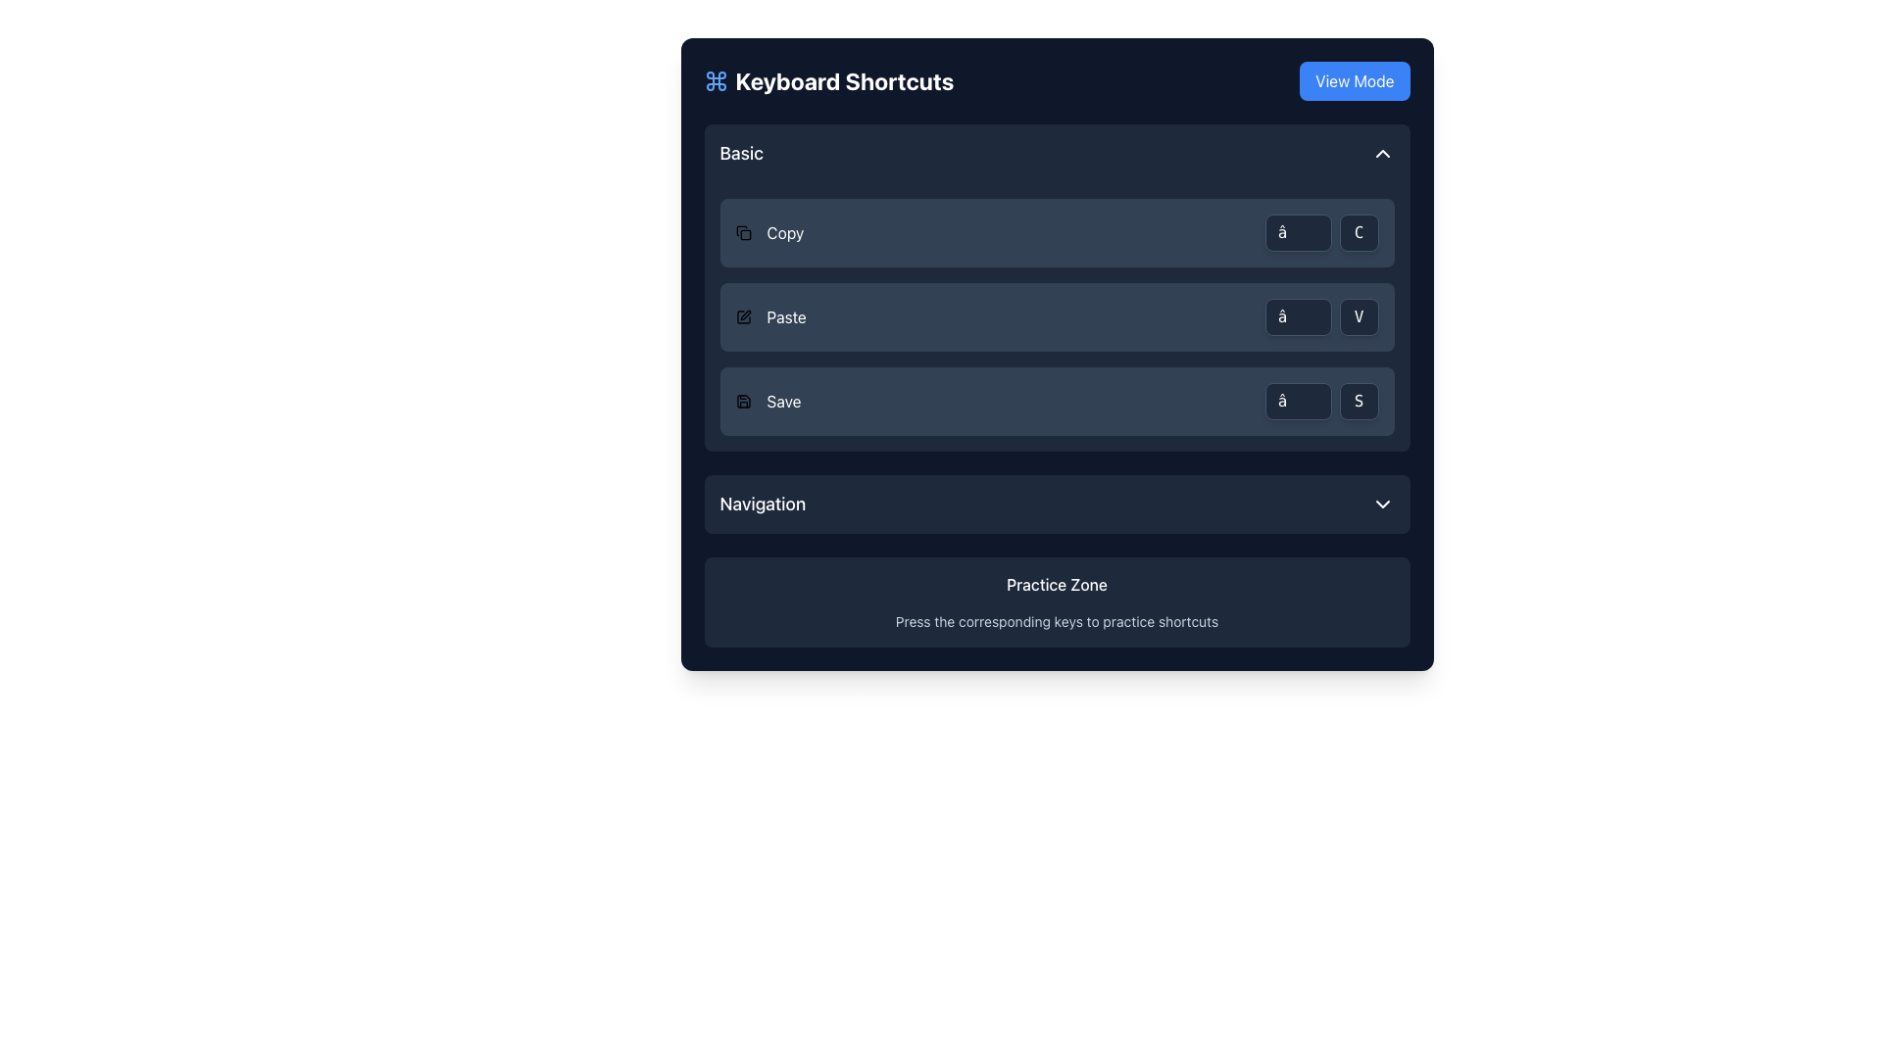 This screenshot has width=1882, height=1058. What do you see at coordinates (715, 80) in the screenshot?
I see `the Decorative graphic icon, which features a grid-like arrangement of interconnected circles and is styled with a blue hue, located at the top-left corner of the modal next to the 'Keyboard Shortcuts' title` at bounding box center [715, 80].